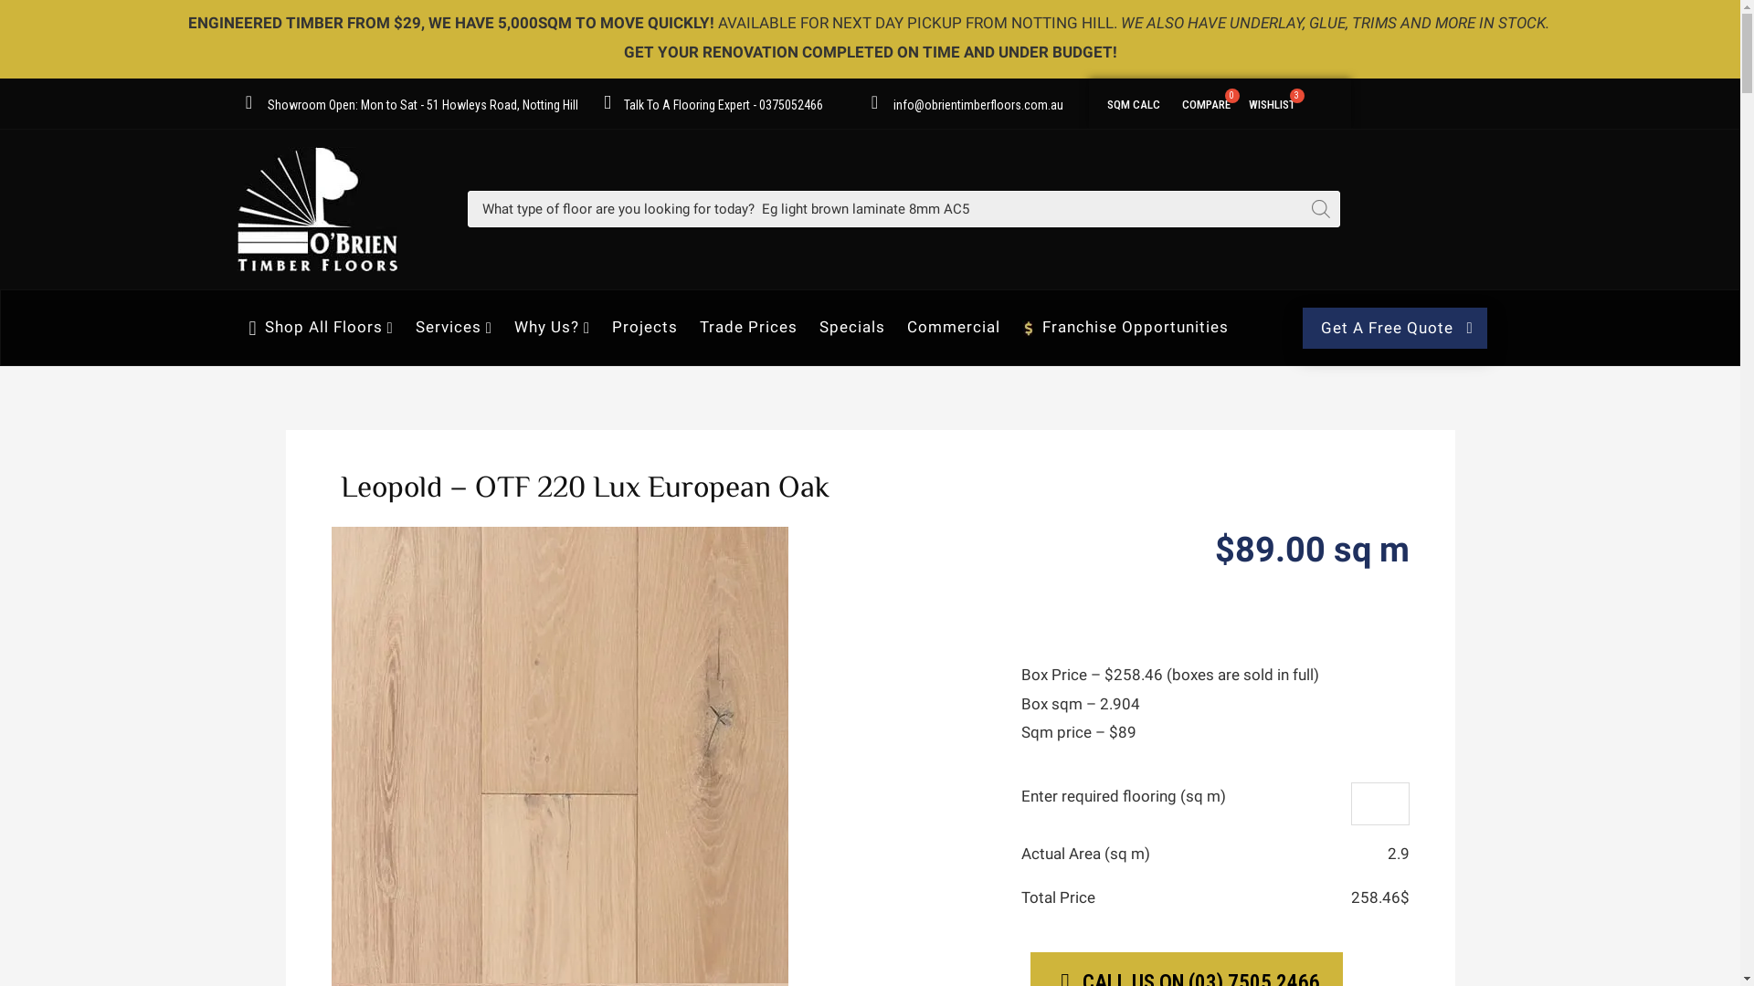  I want to click on 'COMPARE', so click(1205, 101).